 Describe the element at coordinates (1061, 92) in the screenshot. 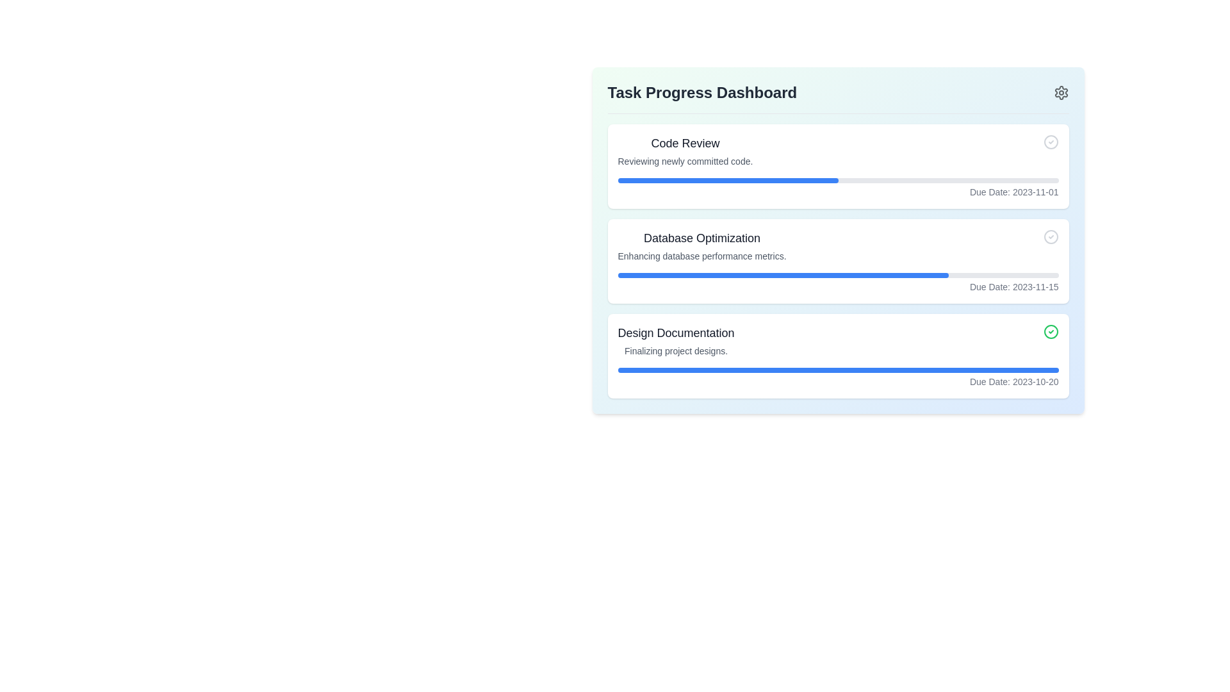

I see `the settings SVG icon located in the top-right corner of the Task Progress Dashboard` at that location.